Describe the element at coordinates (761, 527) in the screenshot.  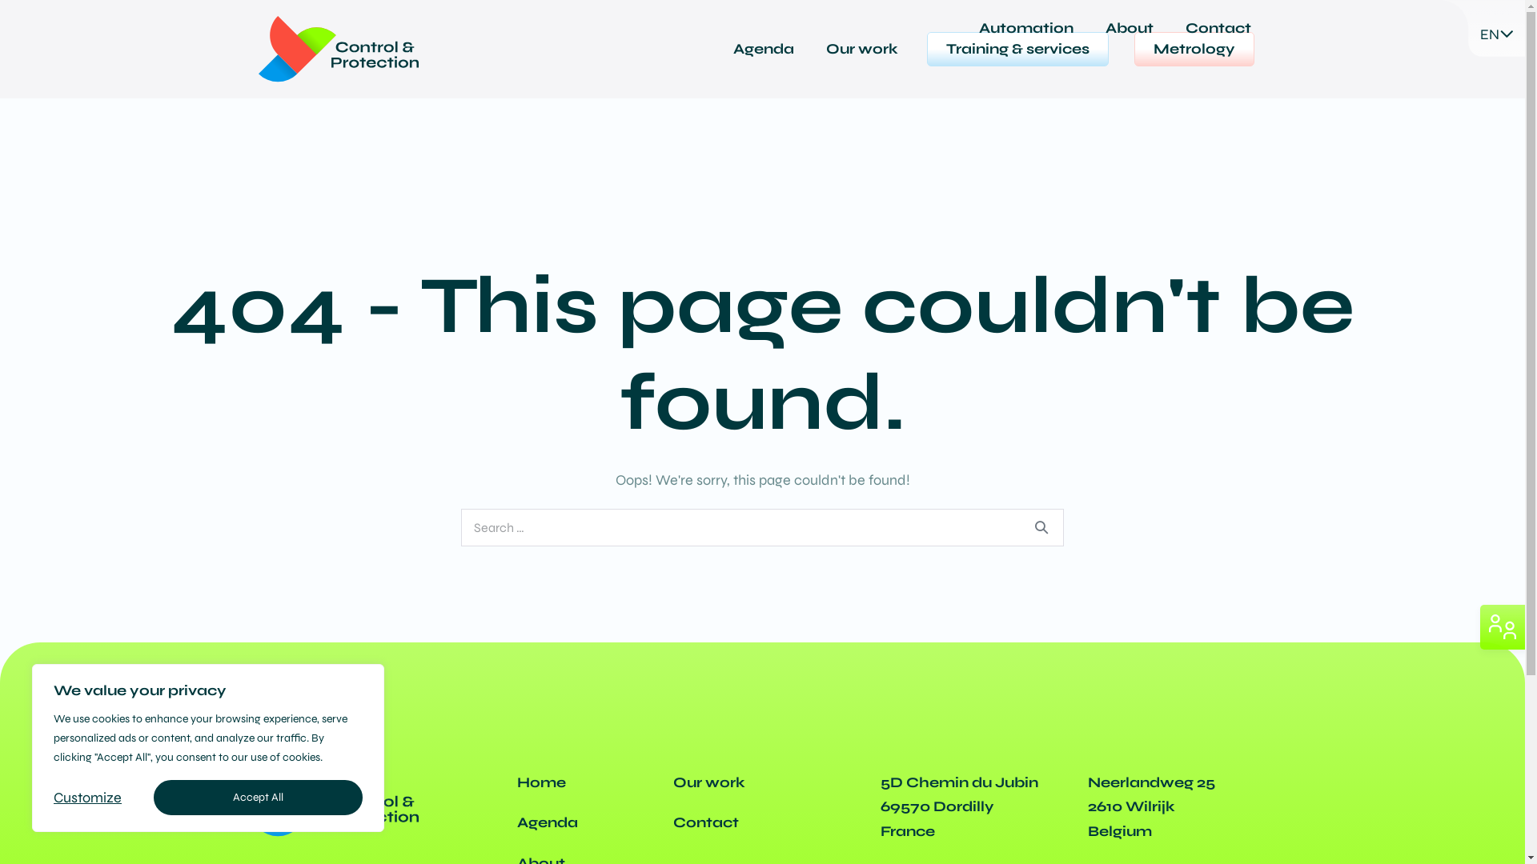
I see `'Press enter to search'` at that location.